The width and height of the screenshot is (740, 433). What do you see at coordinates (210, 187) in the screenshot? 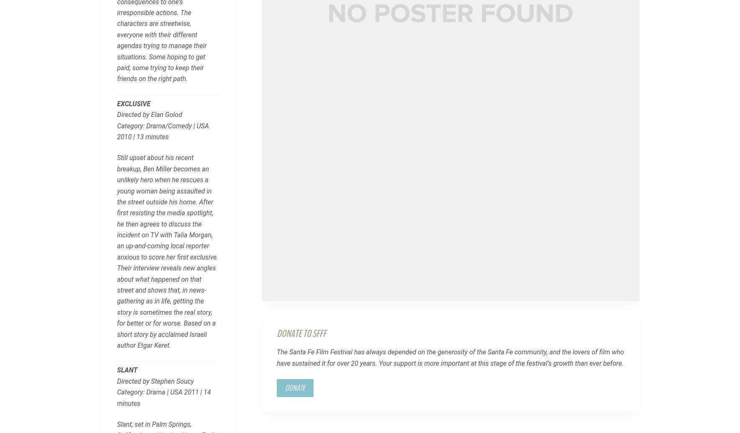
I see `'SHORTS PROGRAM III (103 minutes)'` at bounding box center [210, 187].